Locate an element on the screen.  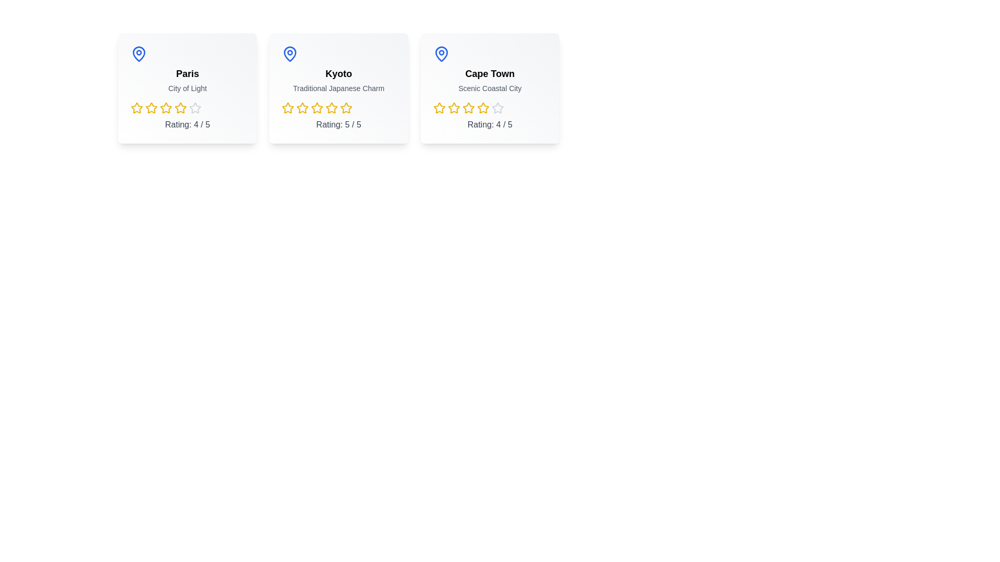
the map pin icon for Paris is located at coordinates (139, 54).